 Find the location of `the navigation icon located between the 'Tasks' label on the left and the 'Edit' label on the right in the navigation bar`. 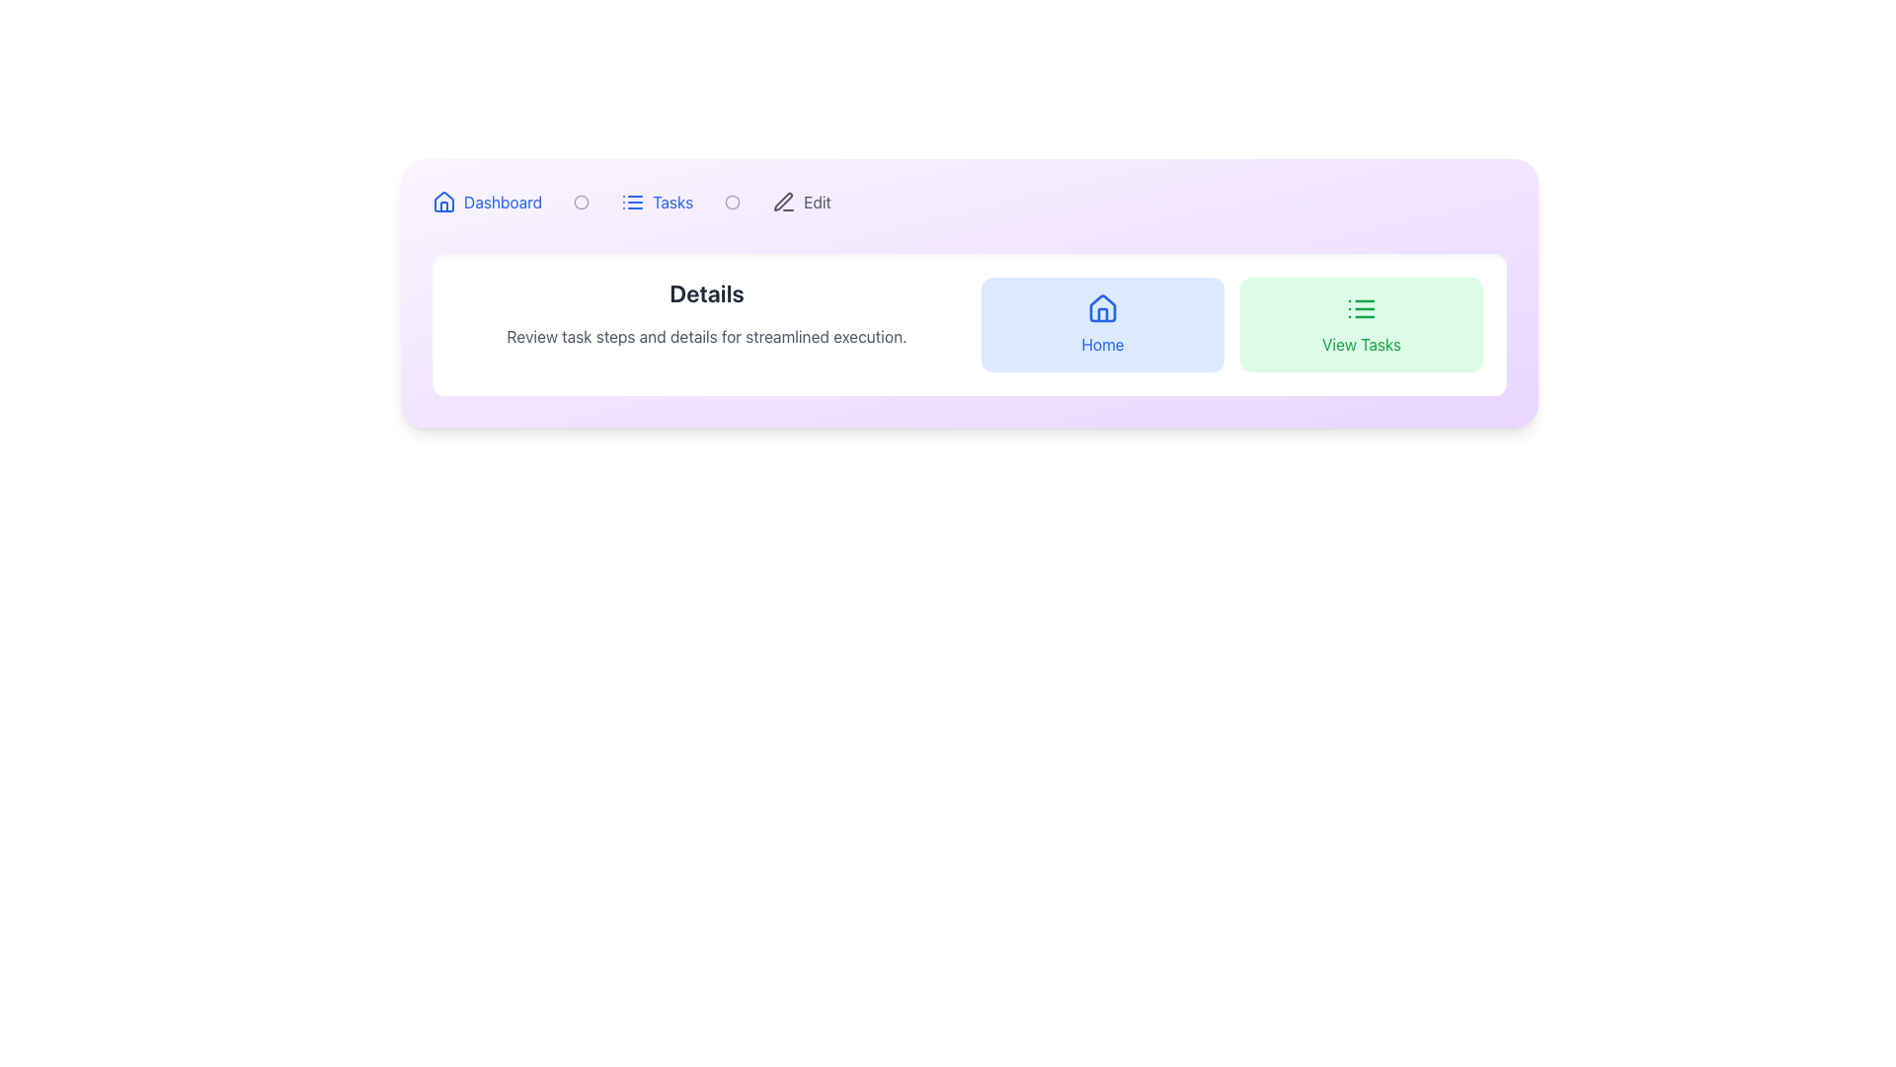

the navigation icon located between the 'Tasks' label on the left and the 'Edit' label on the right in the navigation bar is located at coordinates (732, 202).